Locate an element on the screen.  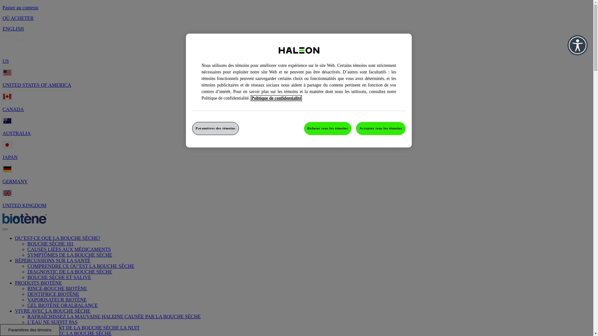
'Japan Flag' is located at coordinates (7, 145).